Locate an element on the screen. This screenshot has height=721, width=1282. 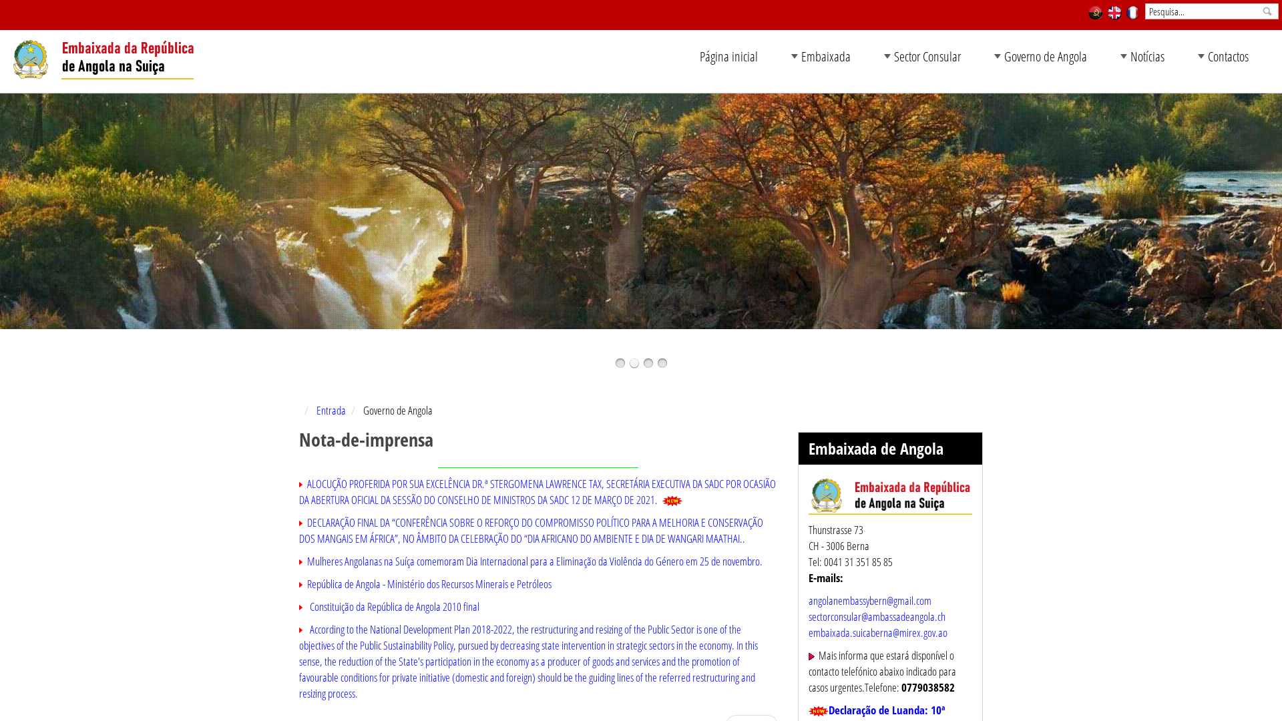
'Entrada' is located at coordinates (331, 409).